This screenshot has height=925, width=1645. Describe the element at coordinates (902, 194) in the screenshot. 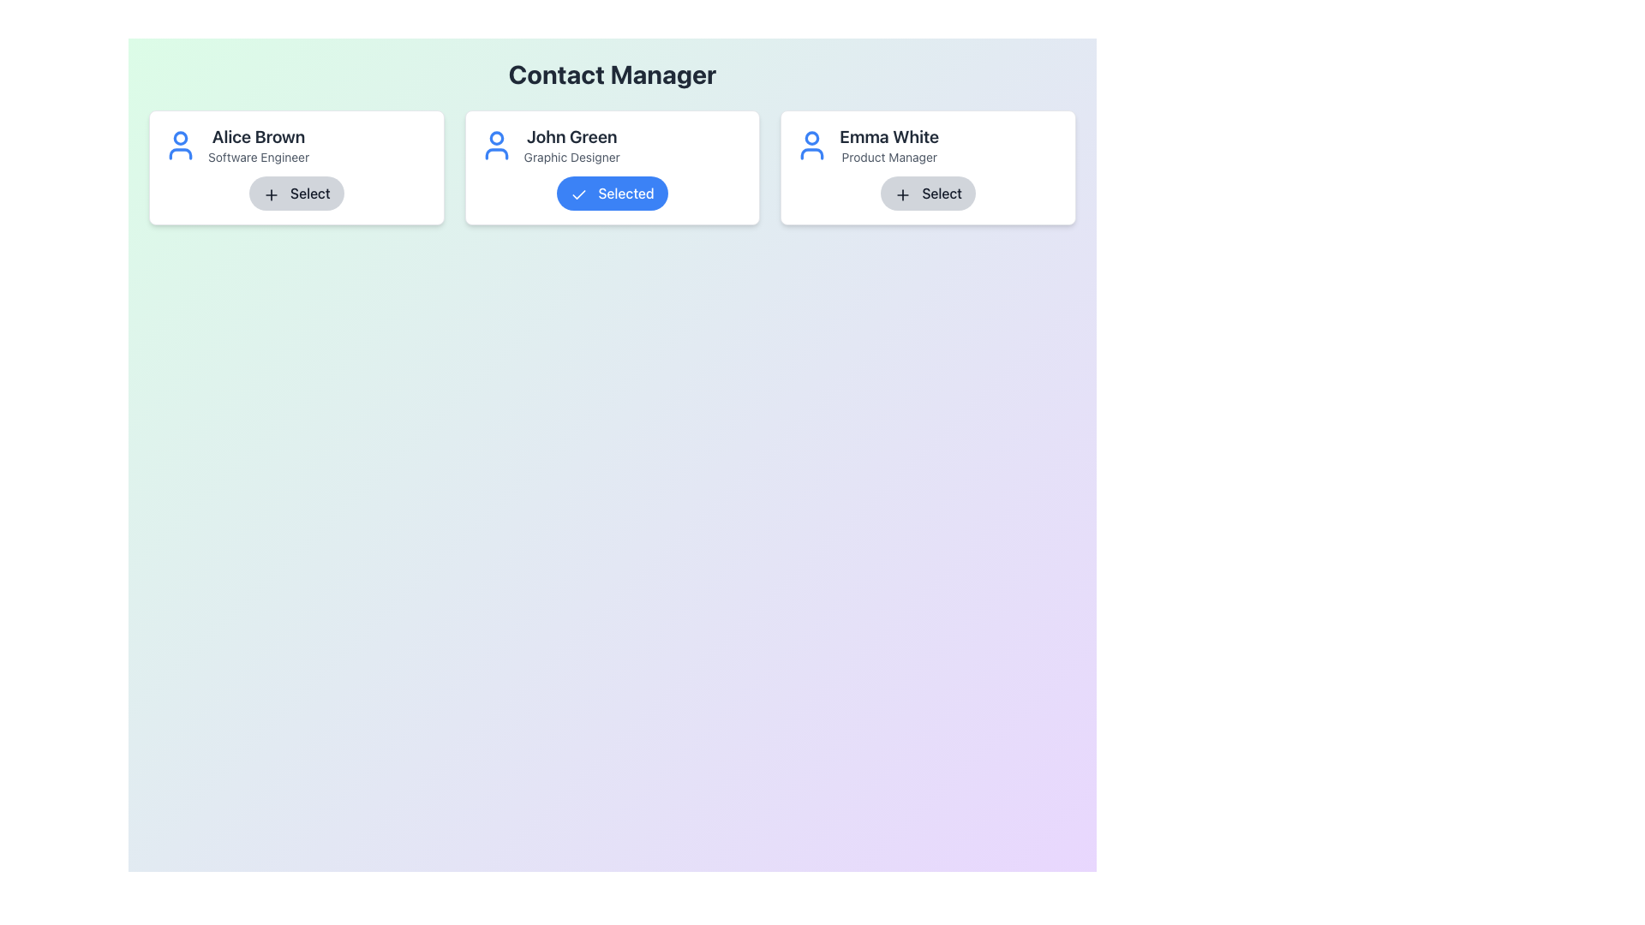

I see `the icon located at the start of the 'Select' button for the profile of 'Emma White' to interact with the button` at that location.